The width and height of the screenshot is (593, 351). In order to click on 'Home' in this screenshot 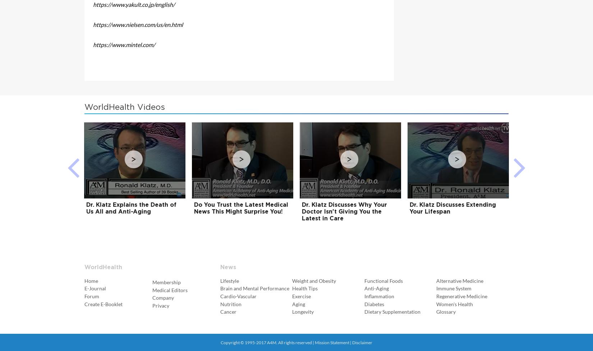, I will do `click(91, 280)`.